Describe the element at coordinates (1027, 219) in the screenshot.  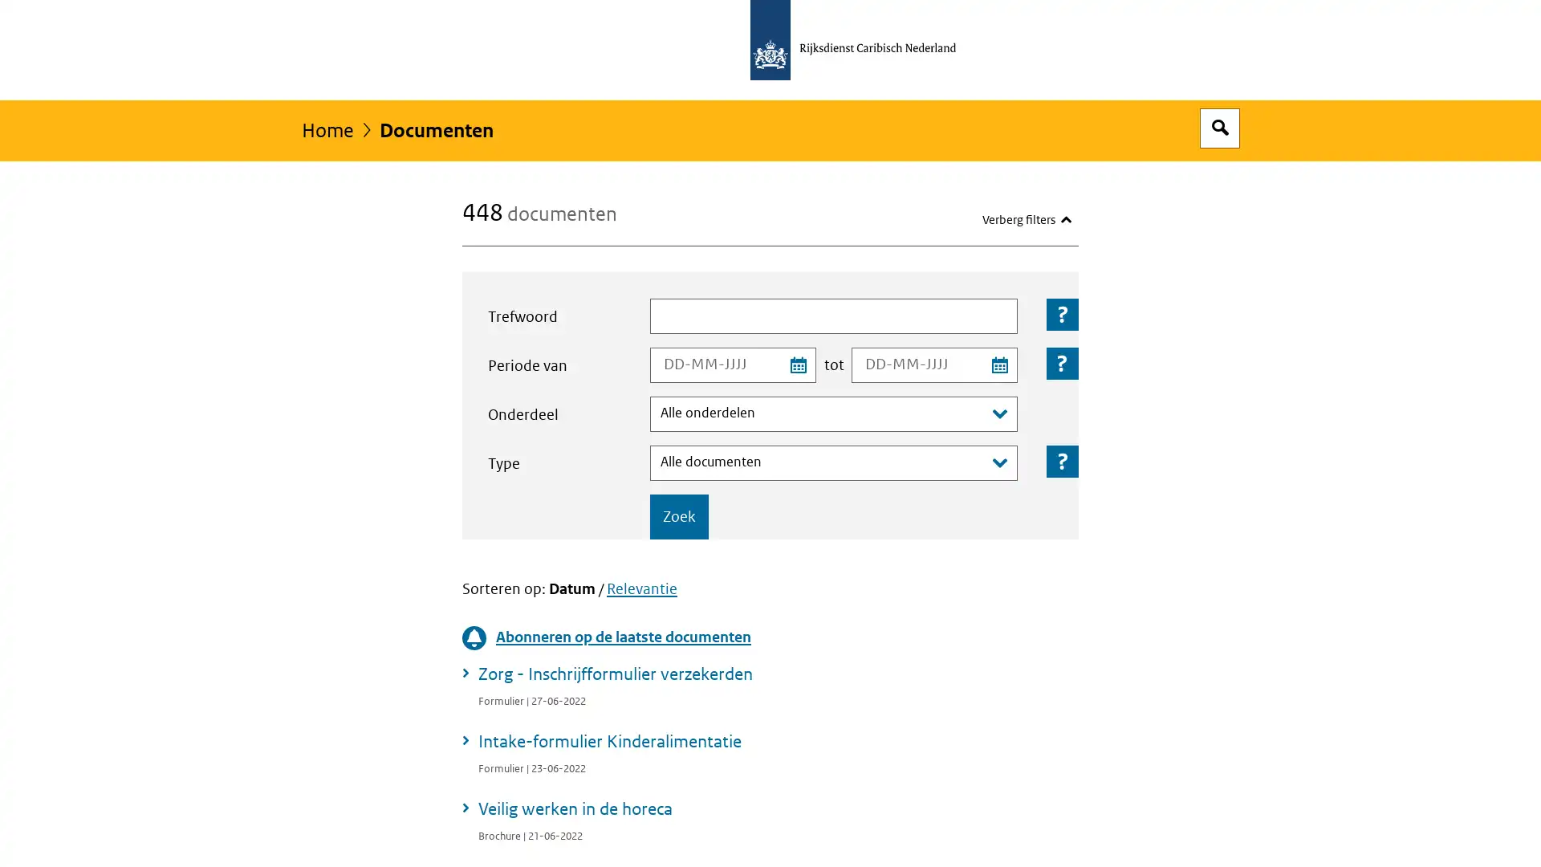
I see `Verberg filters` at that location.